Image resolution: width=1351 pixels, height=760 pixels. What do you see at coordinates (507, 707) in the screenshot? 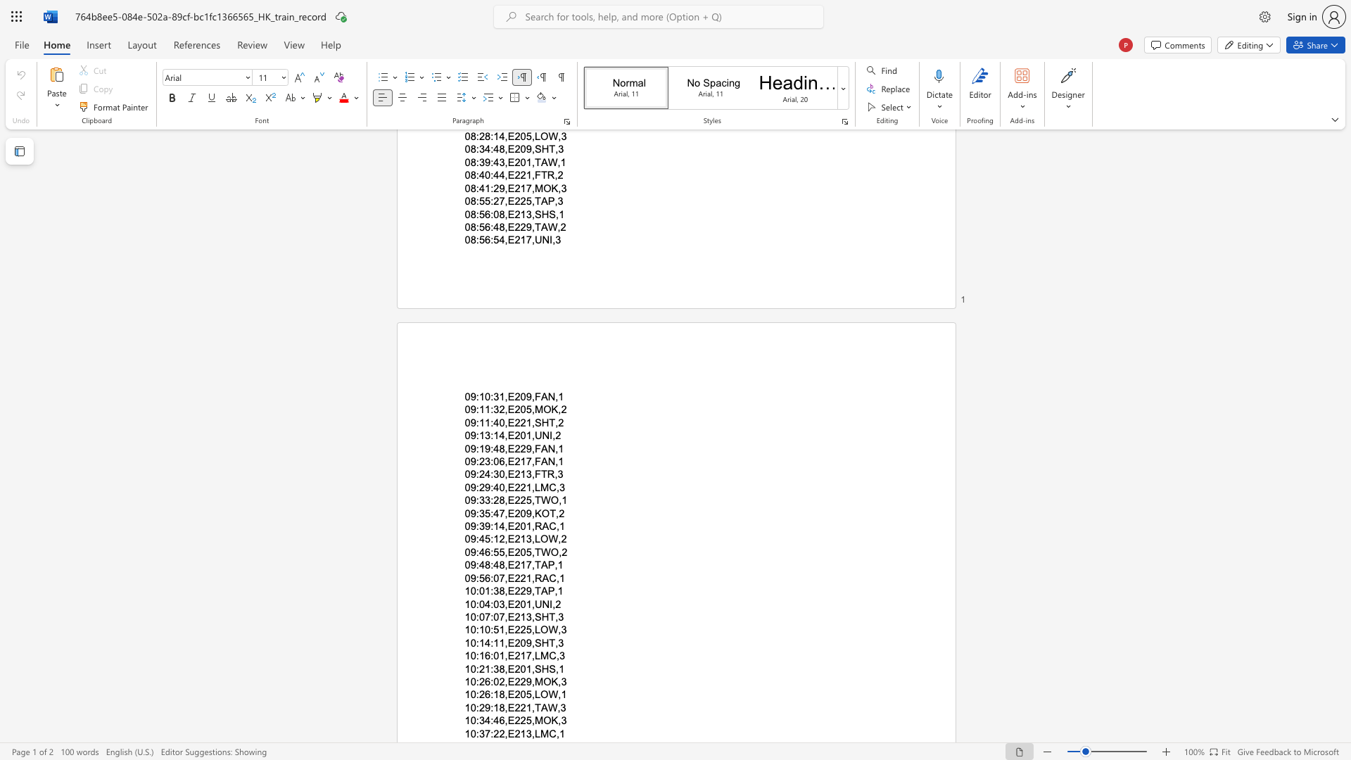
I see `the subset text "E22" within the text "10:29:18,E221,TAW,3"` at bounding box center [507, 707].